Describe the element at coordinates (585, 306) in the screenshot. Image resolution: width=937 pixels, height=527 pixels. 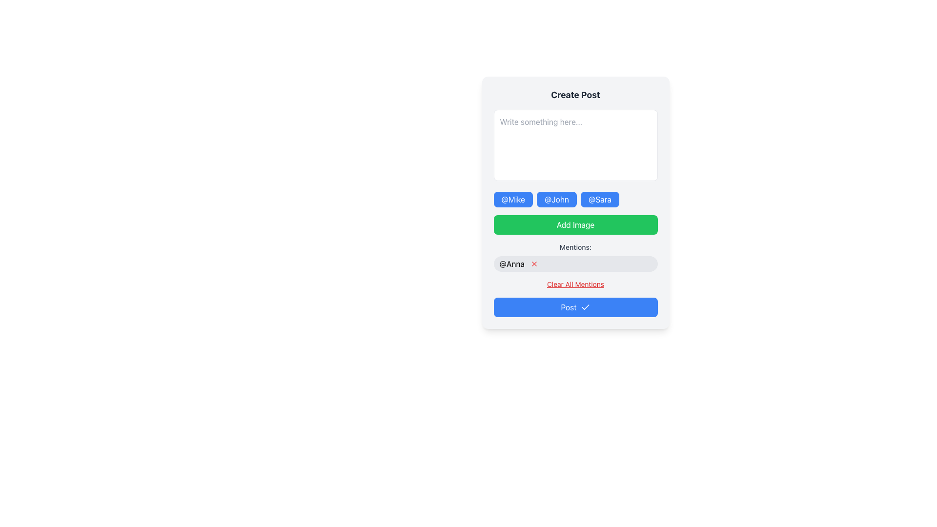
I see `the checkmark icon located inside the 'Post' button at the bottom of the form, which indicates confirmation of a successful post submission` at that location.